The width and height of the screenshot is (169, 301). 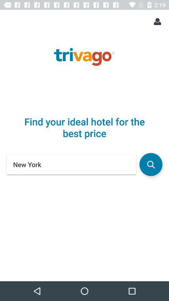 I want to click on the icon below find your ideal icon, so click(x=151, y=164).